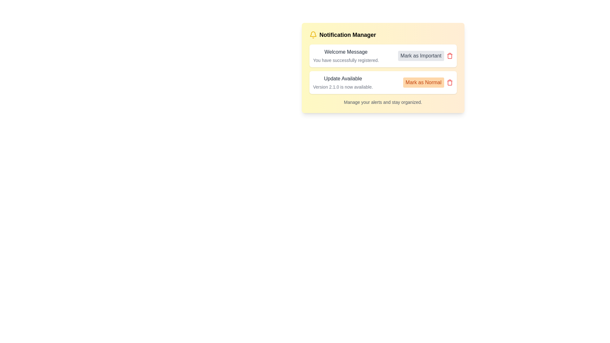 Image resolution: width=610 pixels, height=343 pixels. I want to click on the bell icon located to the very left of the 'Notification Manager' header section, so click(313, 35).